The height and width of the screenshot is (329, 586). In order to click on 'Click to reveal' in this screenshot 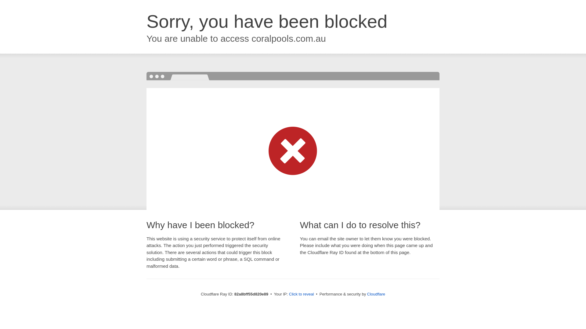, I will do `click(302, 294)`.